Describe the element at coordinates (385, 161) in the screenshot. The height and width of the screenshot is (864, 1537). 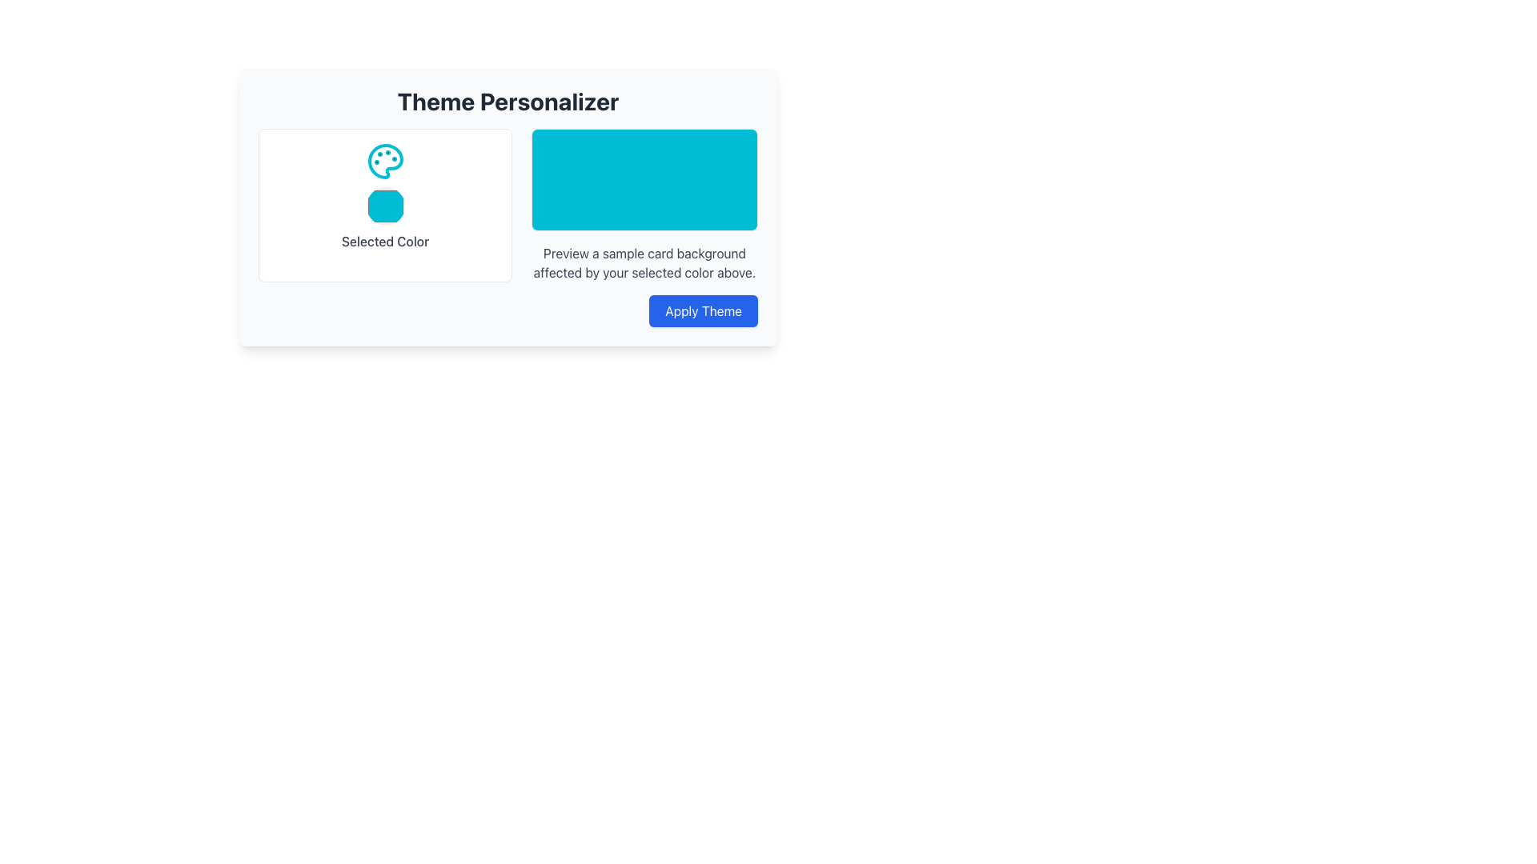
I see `the color selection icon located in the 'Selected Color' section of the card, positioned near the top left corner above the color representation circle` at that location.